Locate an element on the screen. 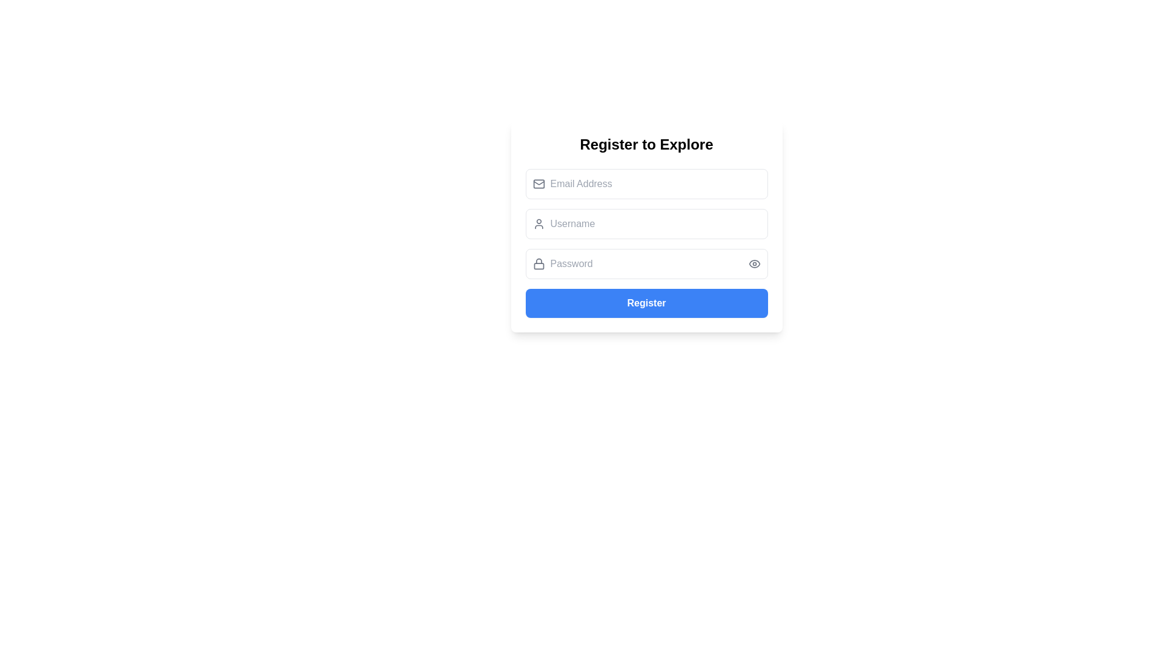 The height and width of the screenshot is (654, 1163). the password graphical icon located to the left of the password input field in the registration form, which indicates the security aspect of the input is located at coordinates (538, 263).